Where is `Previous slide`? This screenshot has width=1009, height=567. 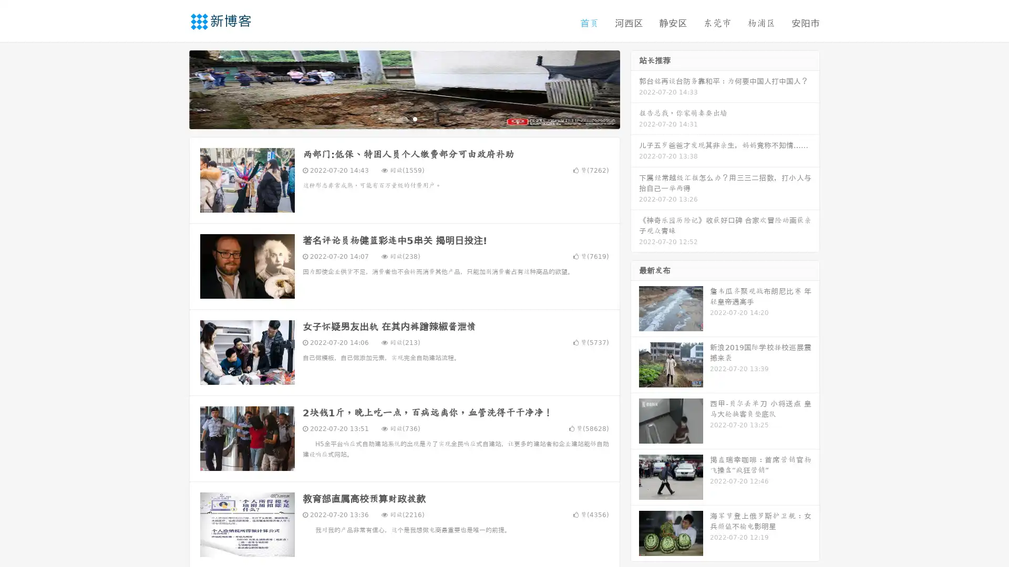 Previous slide is located at coordinates (173, 88).